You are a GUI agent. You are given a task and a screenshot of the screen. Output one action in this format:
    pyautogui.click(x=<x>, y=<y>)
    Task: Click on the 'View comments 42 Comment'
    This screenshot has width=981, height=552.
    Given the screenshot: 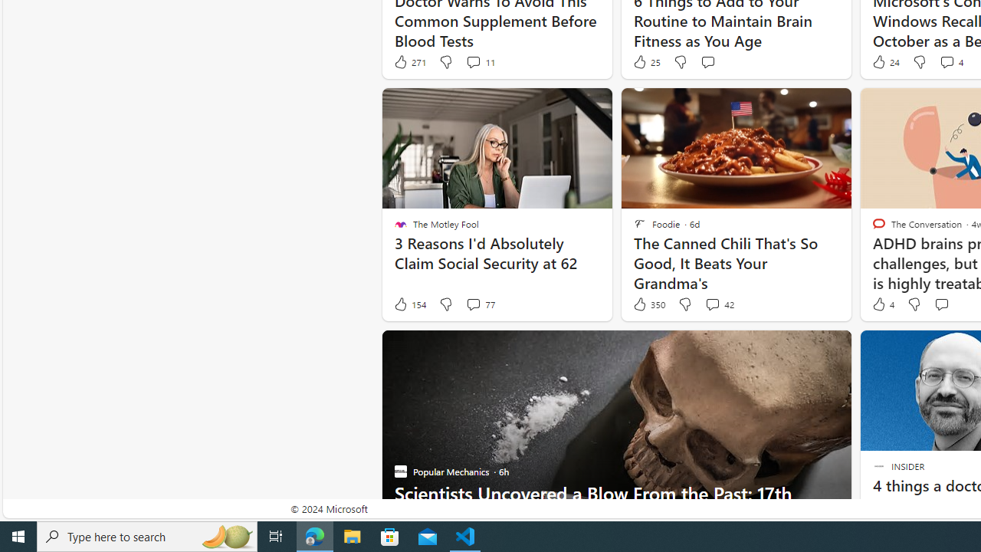 What is the action you would take?
    pyautogui.click(x=718, y=304)
    